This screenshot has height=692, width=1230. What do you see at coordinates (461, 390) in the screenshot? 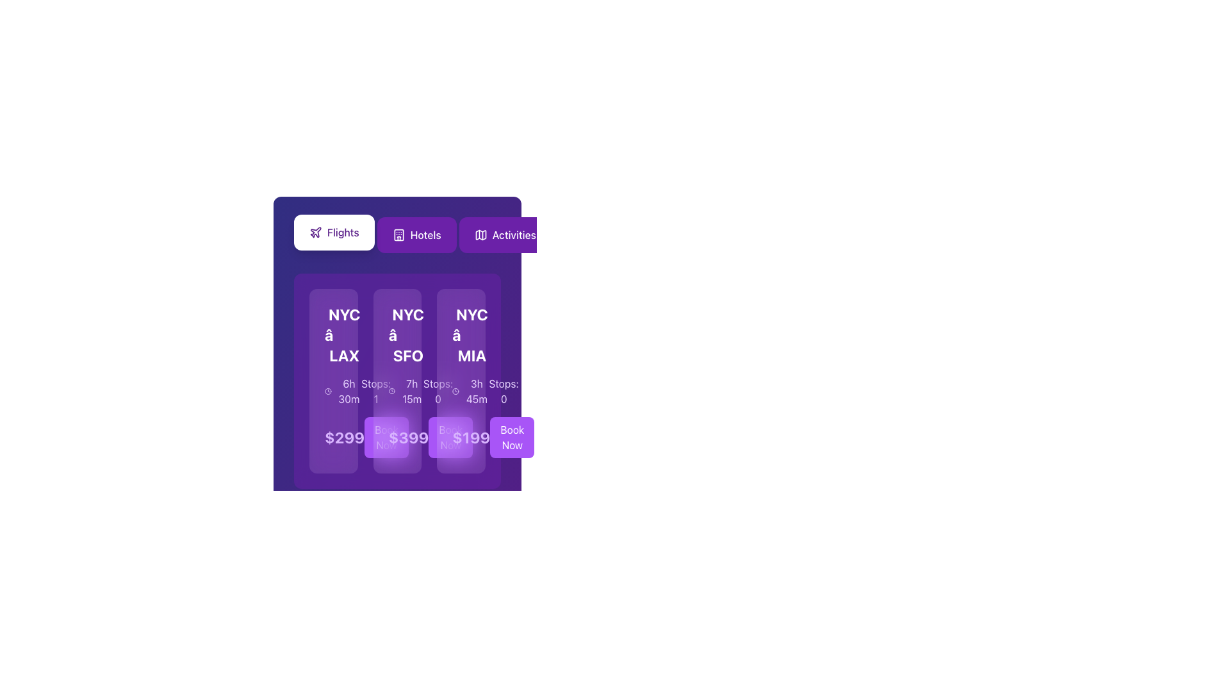
I see `the text label displaying the flight duration ('3h 45m') and the number of stops ('Stops: 0') for the flight itinerary, which is styled in light purple and located below the flight route text ('NYC → MIA') and above the price information ('$199')` at bounding box center [461, 390].